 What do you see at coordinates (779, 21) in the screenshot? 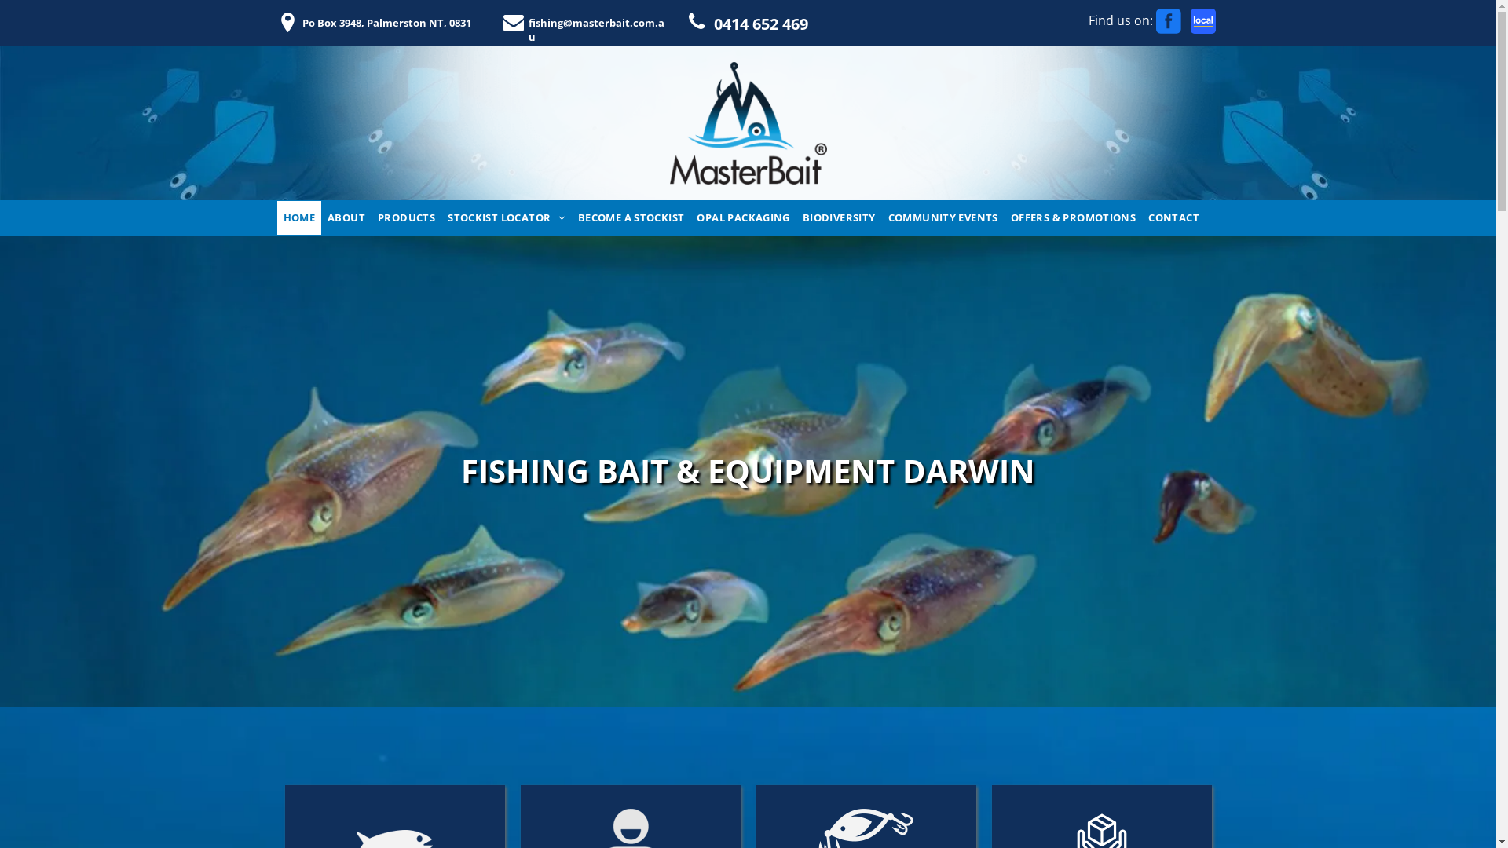
I see `'0414 652 469'` at bounding box center [779, 21].